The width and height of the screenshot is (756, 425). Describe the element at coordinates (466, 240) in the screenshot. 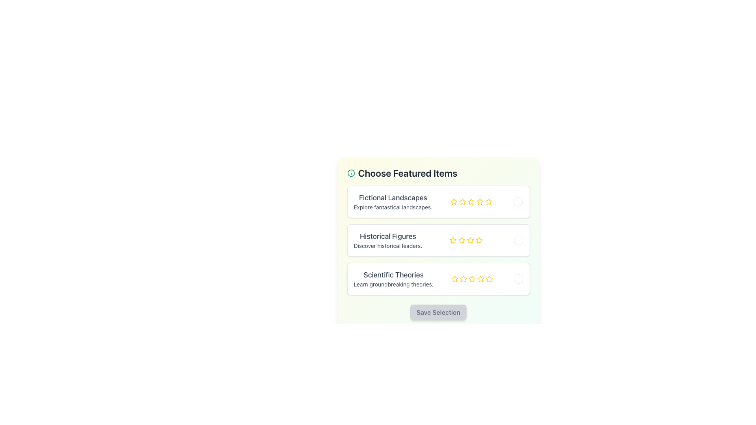

I see `one of the rating stars in the 'Historical Figures' section` at that location.